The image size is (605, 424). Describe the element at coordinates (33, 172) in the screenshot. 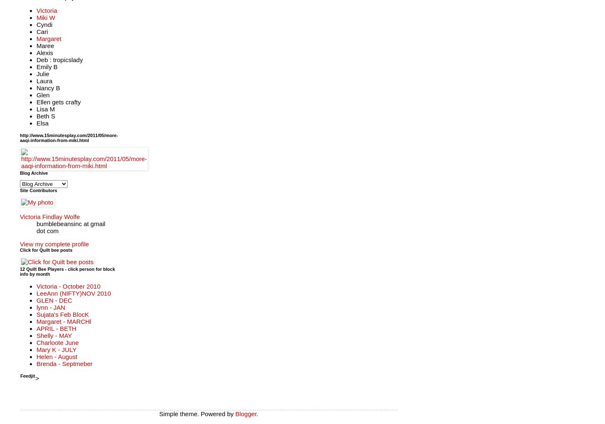

I see `'Blog Archive'` at that location.